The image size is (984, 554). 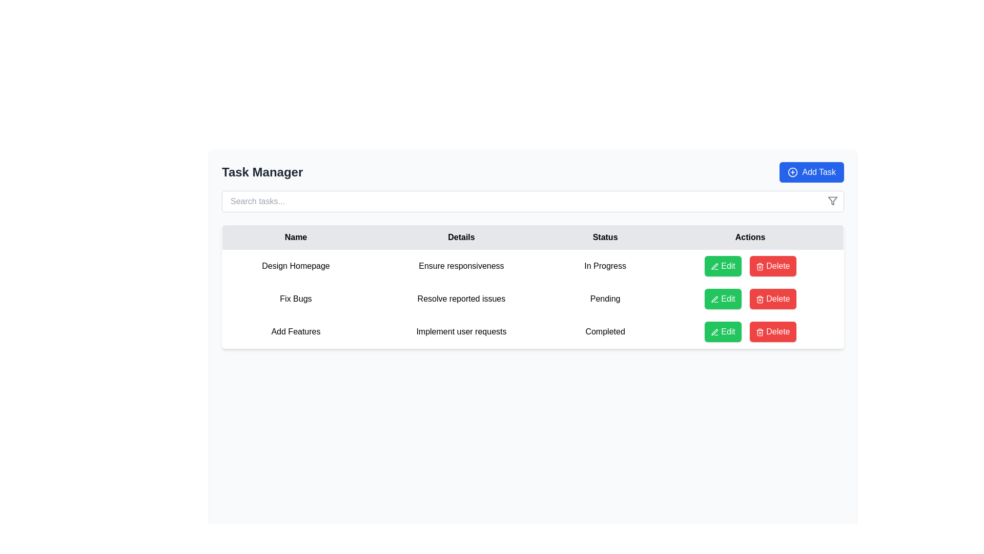 What do you see at coordinates (605, 237) in the screenshot?
I see `the Table Header Cell containing the text 'Status', which is styled in bold black font on a light gray background and is part of the header row of a table layout` at bounding box center [605, 237].